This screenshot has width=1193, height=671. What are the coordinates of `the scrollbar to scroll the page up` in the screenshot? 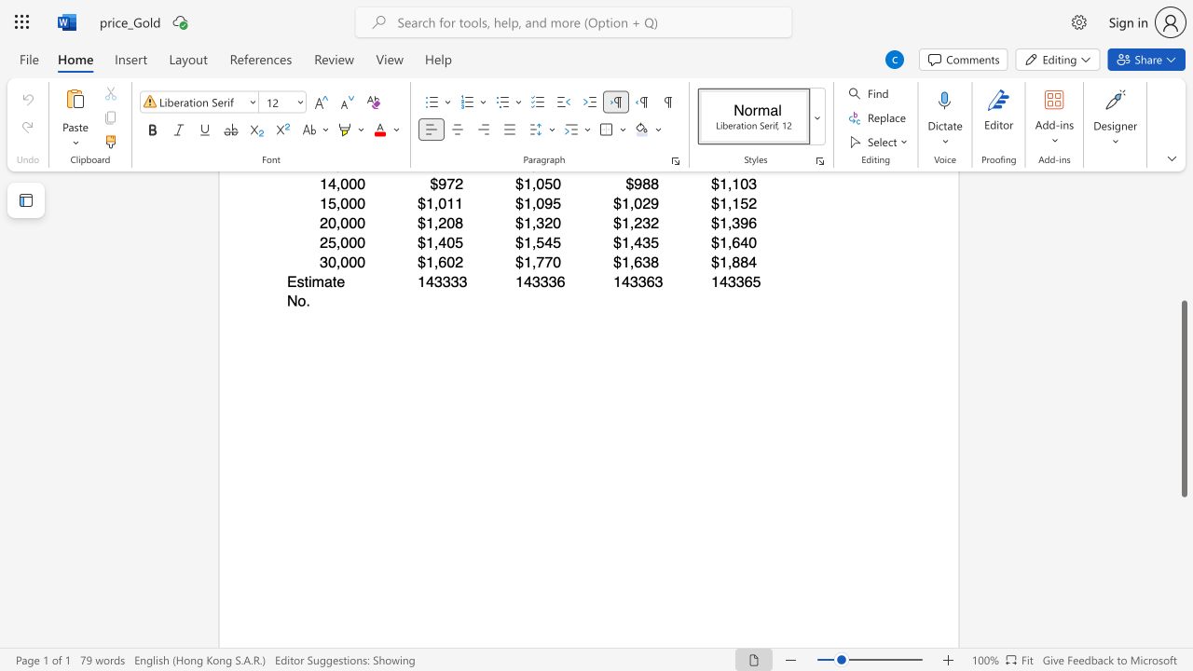 It's located at (1183, 212).